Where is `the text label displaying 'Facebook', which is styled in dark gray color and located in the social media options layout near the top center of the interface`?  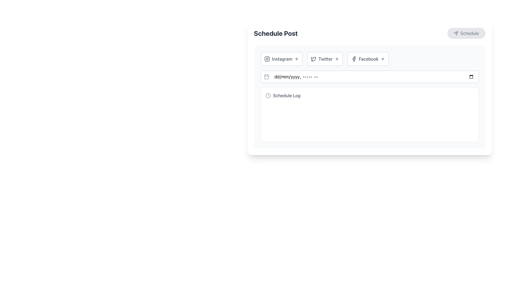 the text label displaying 'Facebook', which is styled in dark gray color and located in the social media options layout near the top center of the interface is located at coordinates (368, 59).